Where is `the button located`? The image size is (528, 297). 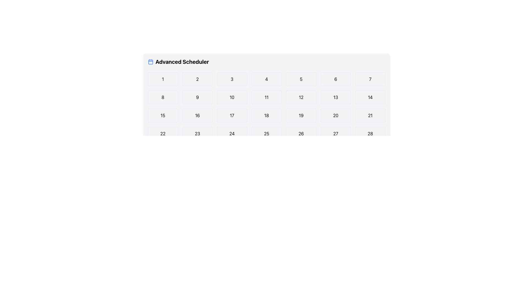 the button located is located at coordinates (163, 97).